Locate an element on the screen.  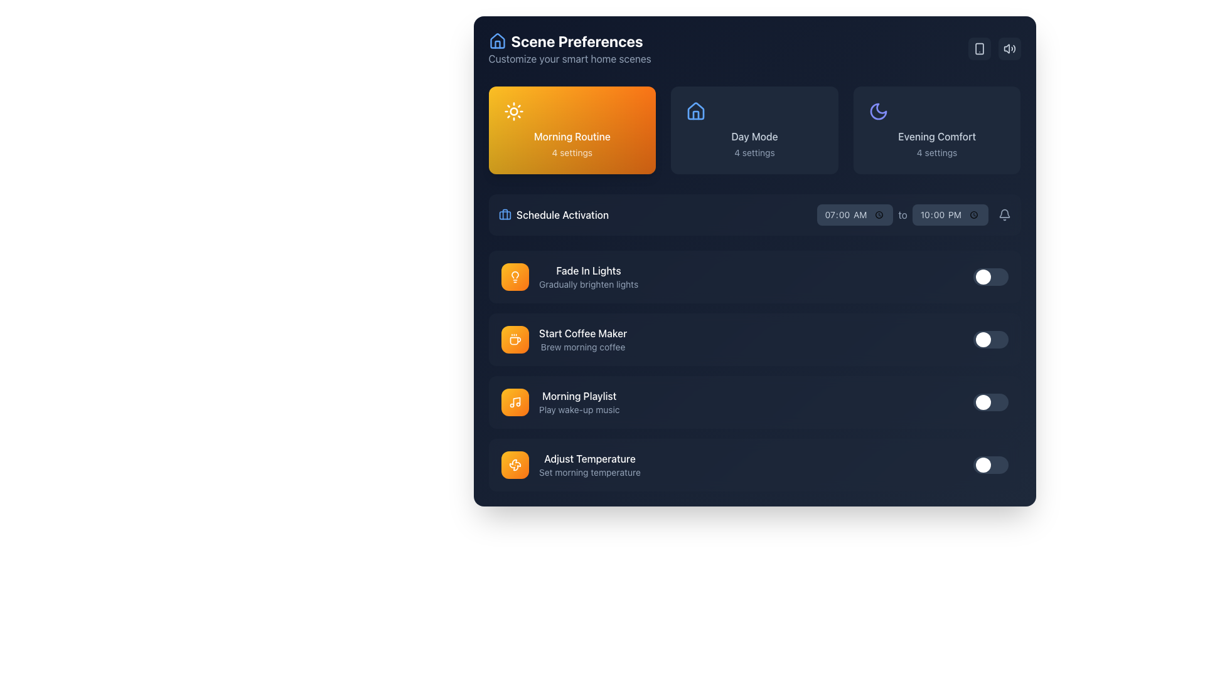
the 'Day Mode' icon within the 'Scene Preferences' interface, which visually represents the 'Day Mode' option is located at coordinates (695, 110).